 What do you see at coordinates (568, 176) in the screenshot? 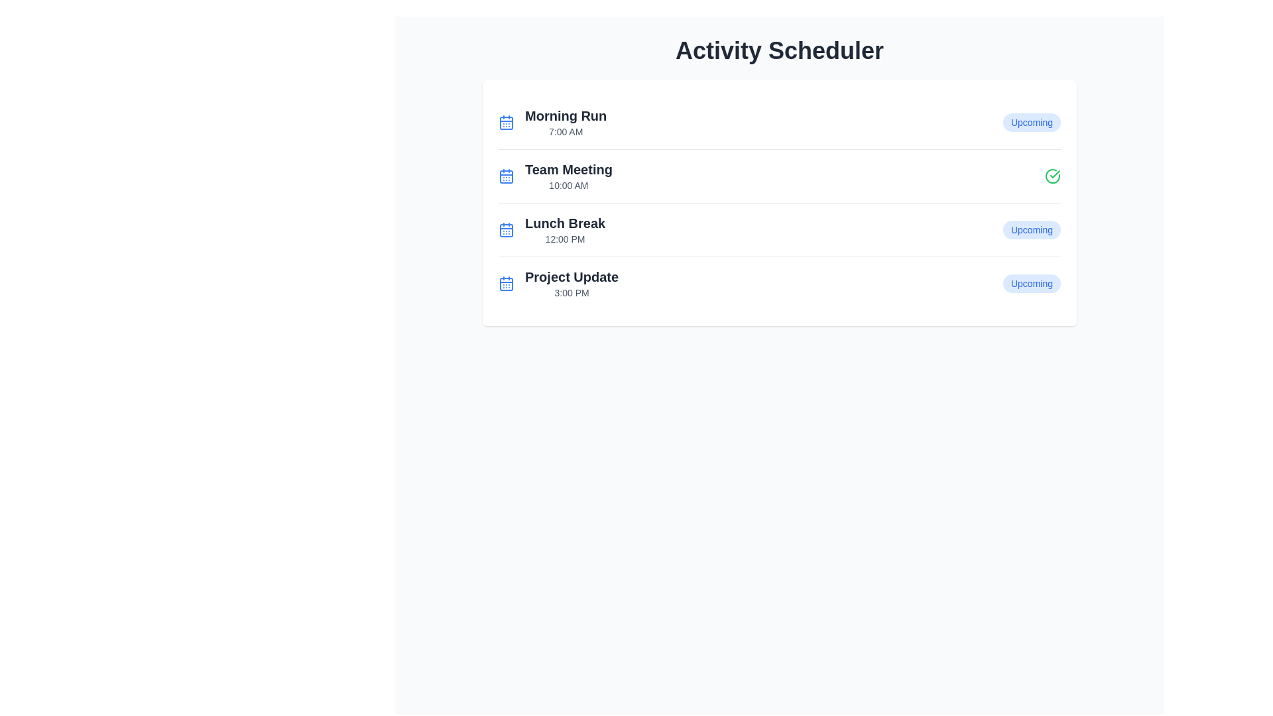
I see `text displayed on the second entry of the vertical list of scheduled events in the activity scheduler, which is positioned between 'Morning Run' and 'Lunch Break'` at bounding box center [568, 176].